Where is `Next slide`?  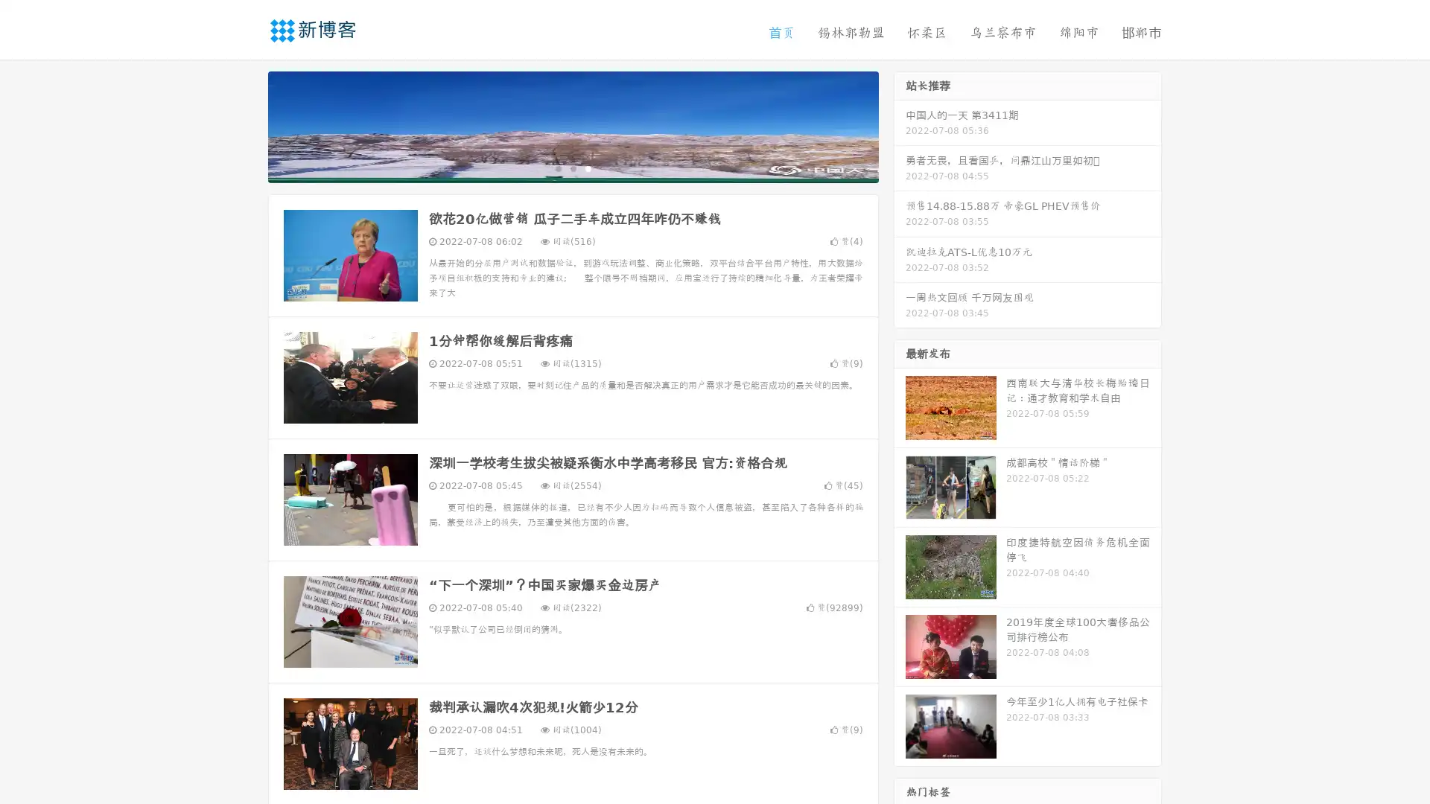 Next slide is located at coordinates (900, 125).